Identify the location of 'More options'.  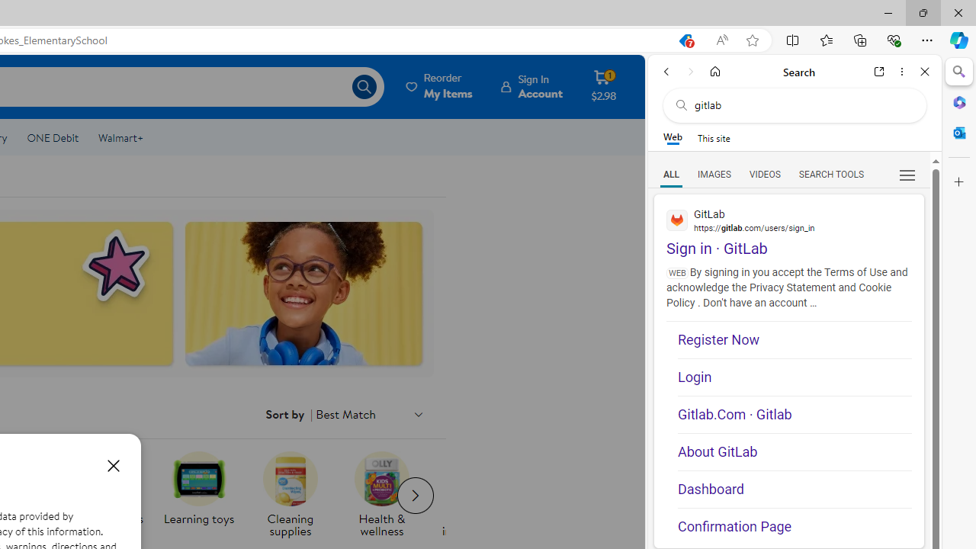
(901, 71).